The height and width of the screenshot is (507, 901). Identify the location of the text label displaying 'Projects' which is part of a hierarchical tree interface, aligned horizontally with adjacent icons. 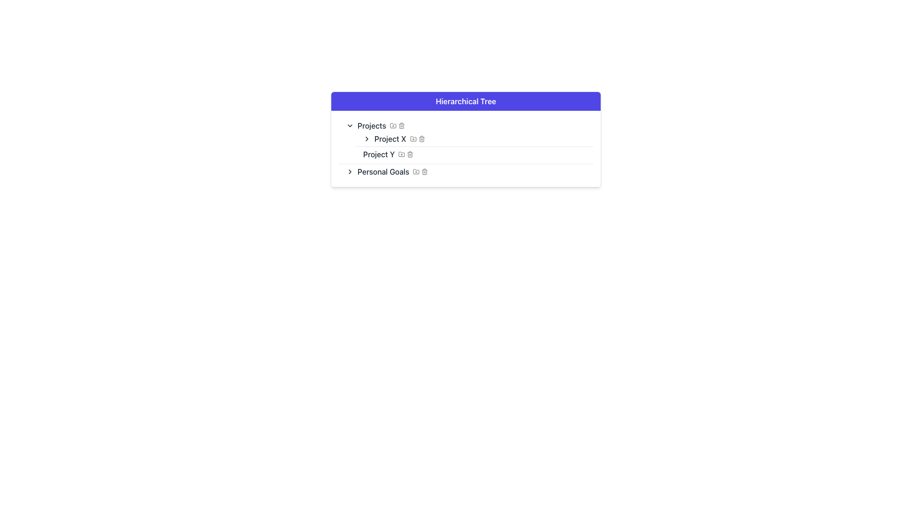
(371, 125).